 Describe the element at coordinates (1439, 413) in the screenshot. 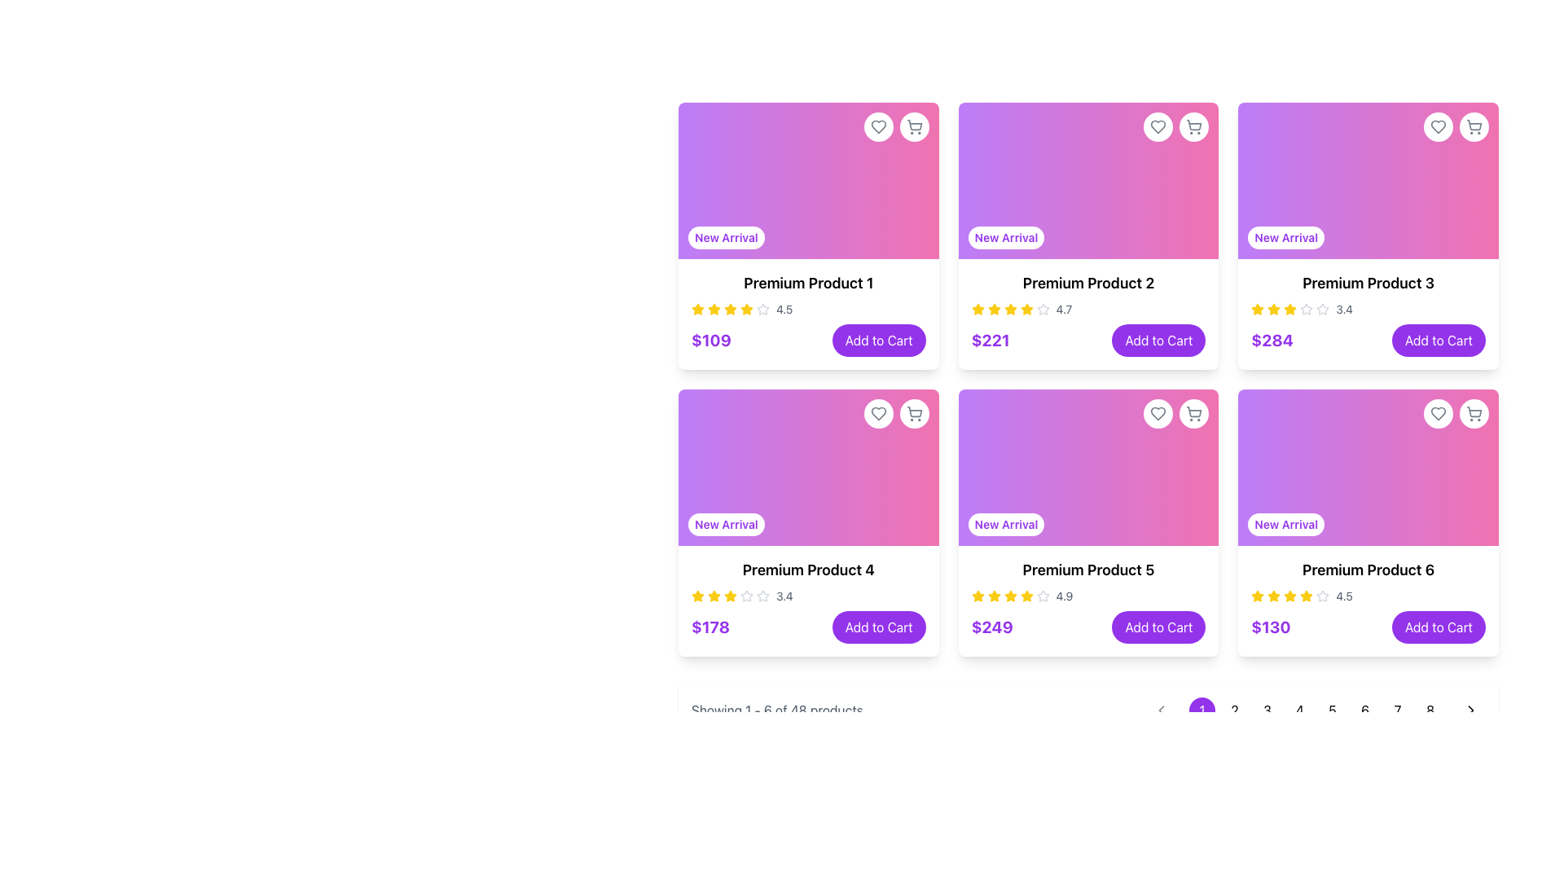

I see `the heart-shaped icon in the top-right corner of the 'Premium Product 6' card` at that location.